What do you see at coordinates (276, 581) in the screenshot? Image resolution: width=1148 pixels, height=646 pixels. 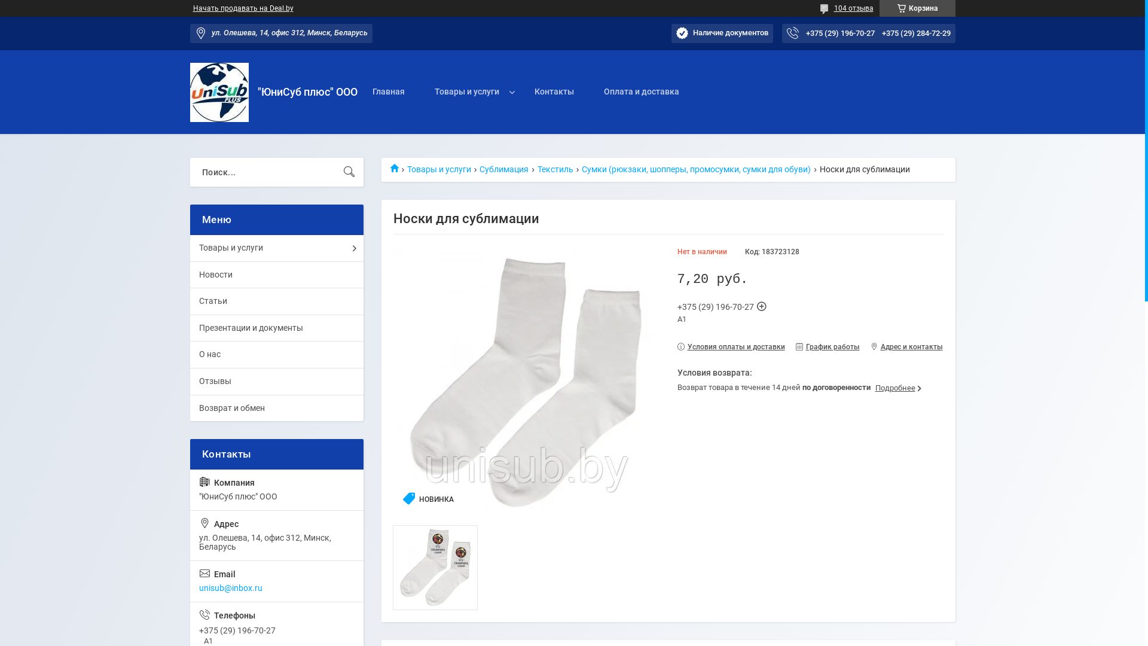 I see `'unisub@inbox.ru'` at bounding box center [276, 581].